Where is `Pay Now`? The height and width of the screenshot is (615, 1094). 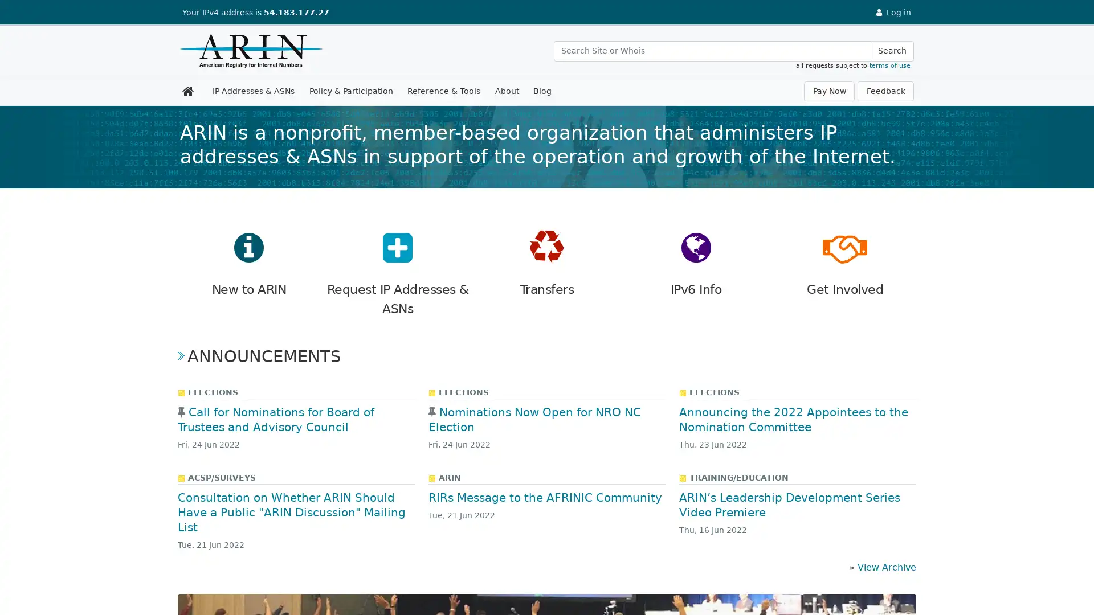
Pay Now is located at coordinates (829, 90).